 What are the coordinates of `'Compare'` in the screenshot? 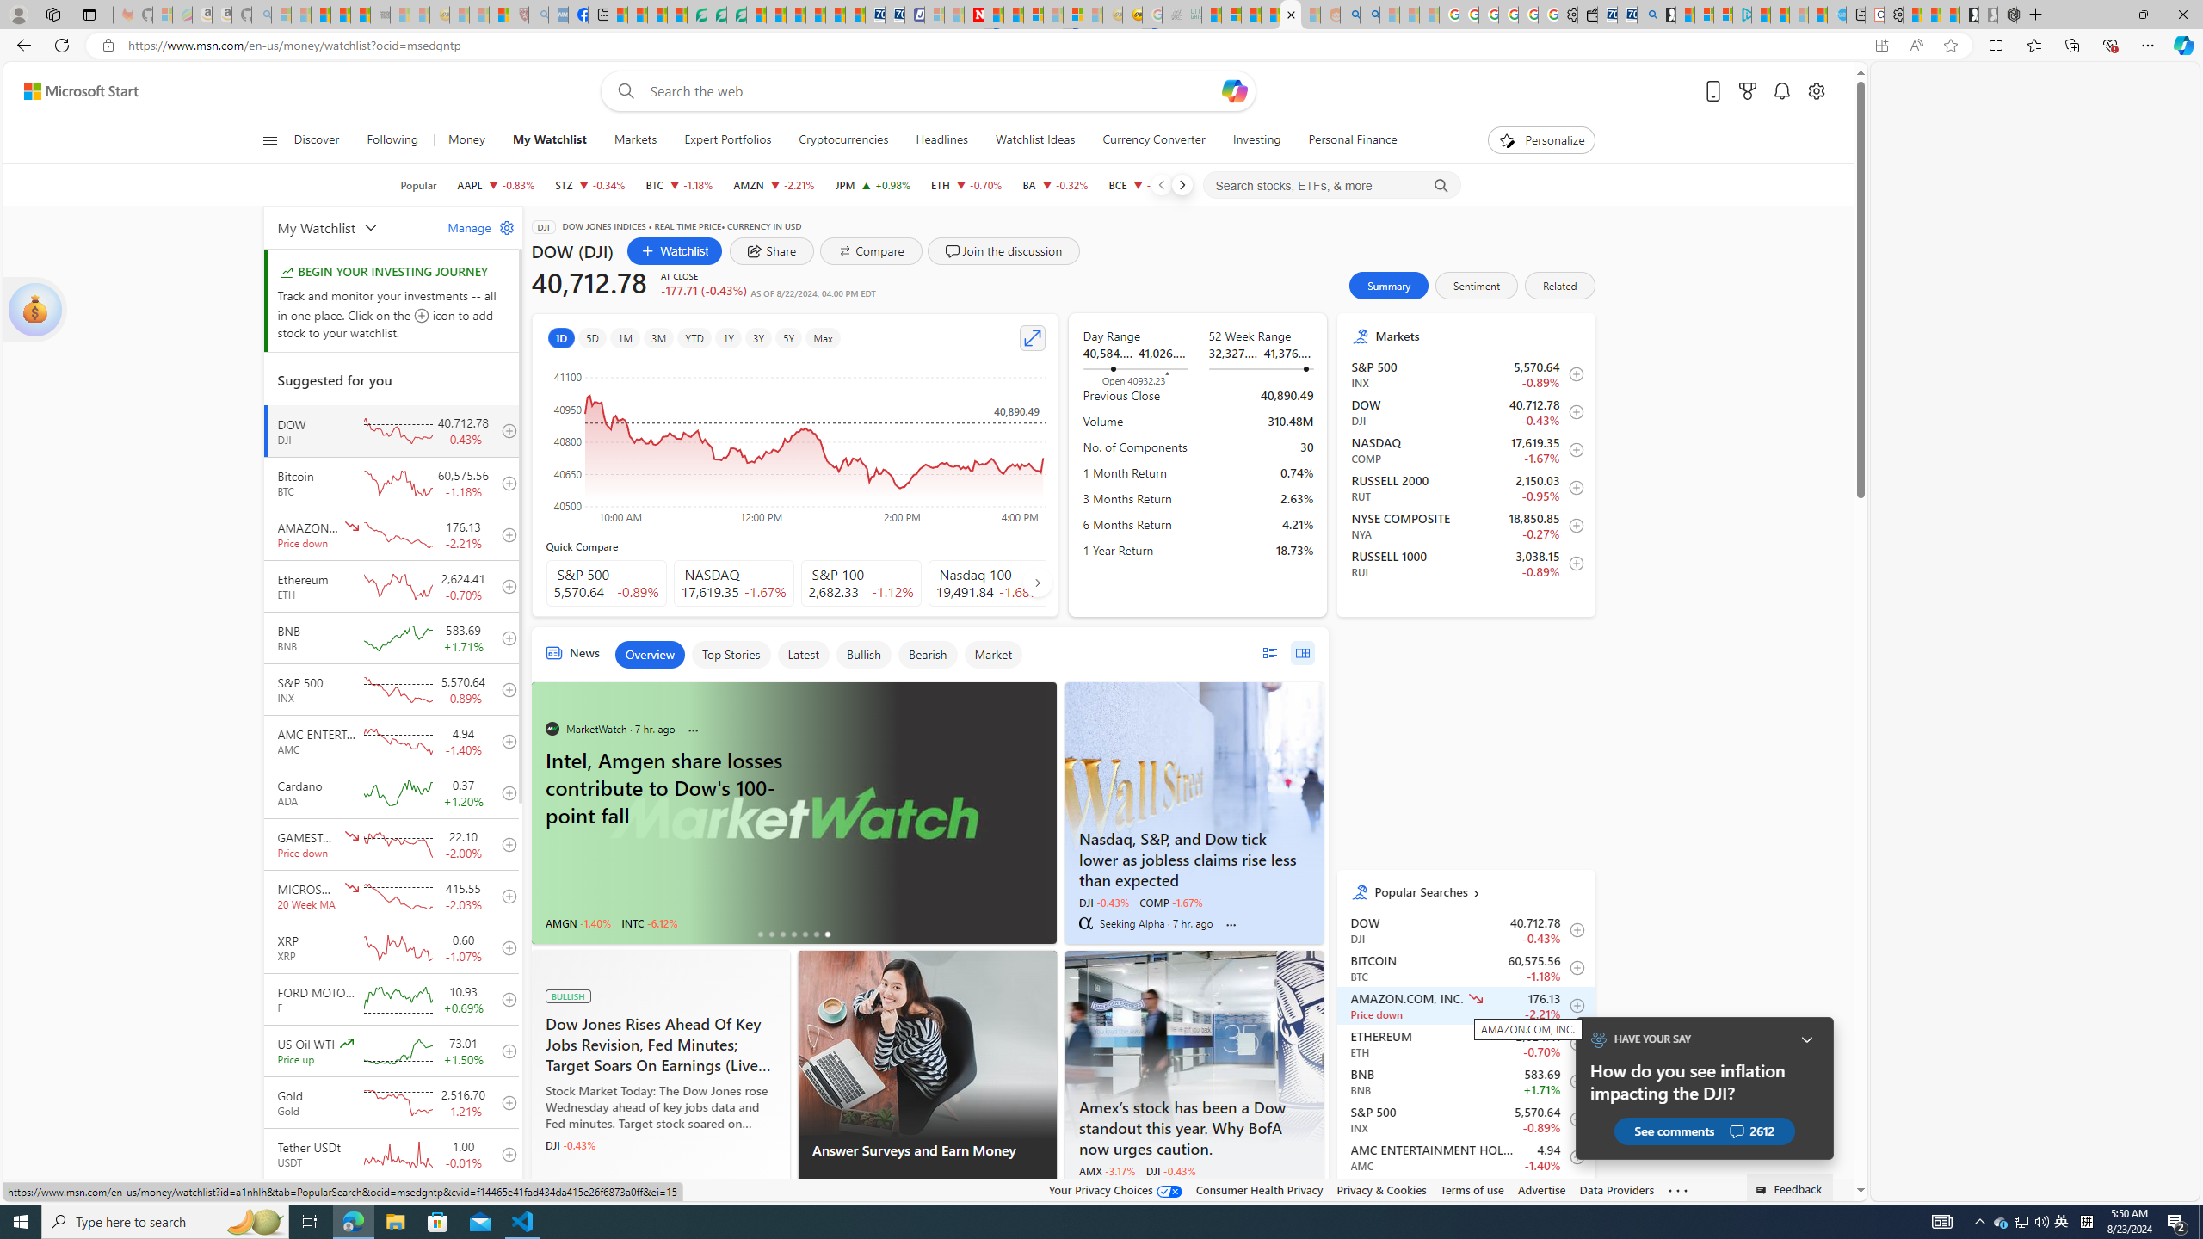 It's located at (870, 250).